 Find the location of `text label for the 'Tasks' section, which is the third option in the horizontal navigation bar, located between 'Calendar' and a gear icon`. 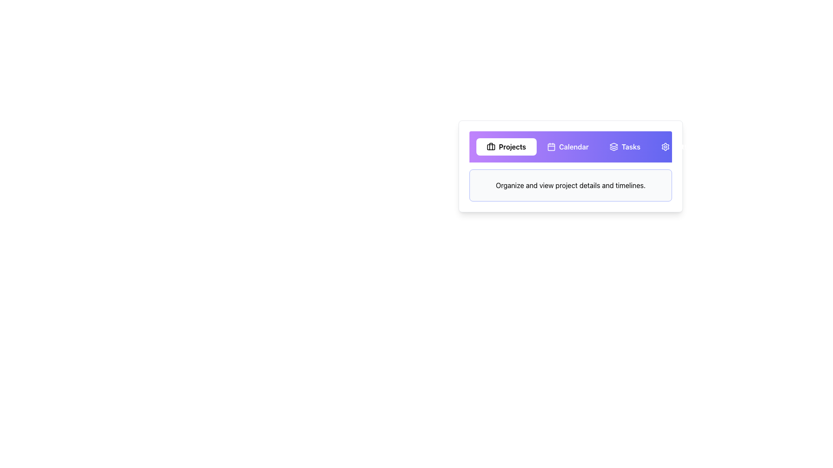

text label for the 'Tasks' section, which is the third option in the horizontal navigation bar, located between 'Calendar' and a gear icon is located at coordinates (631, 146).